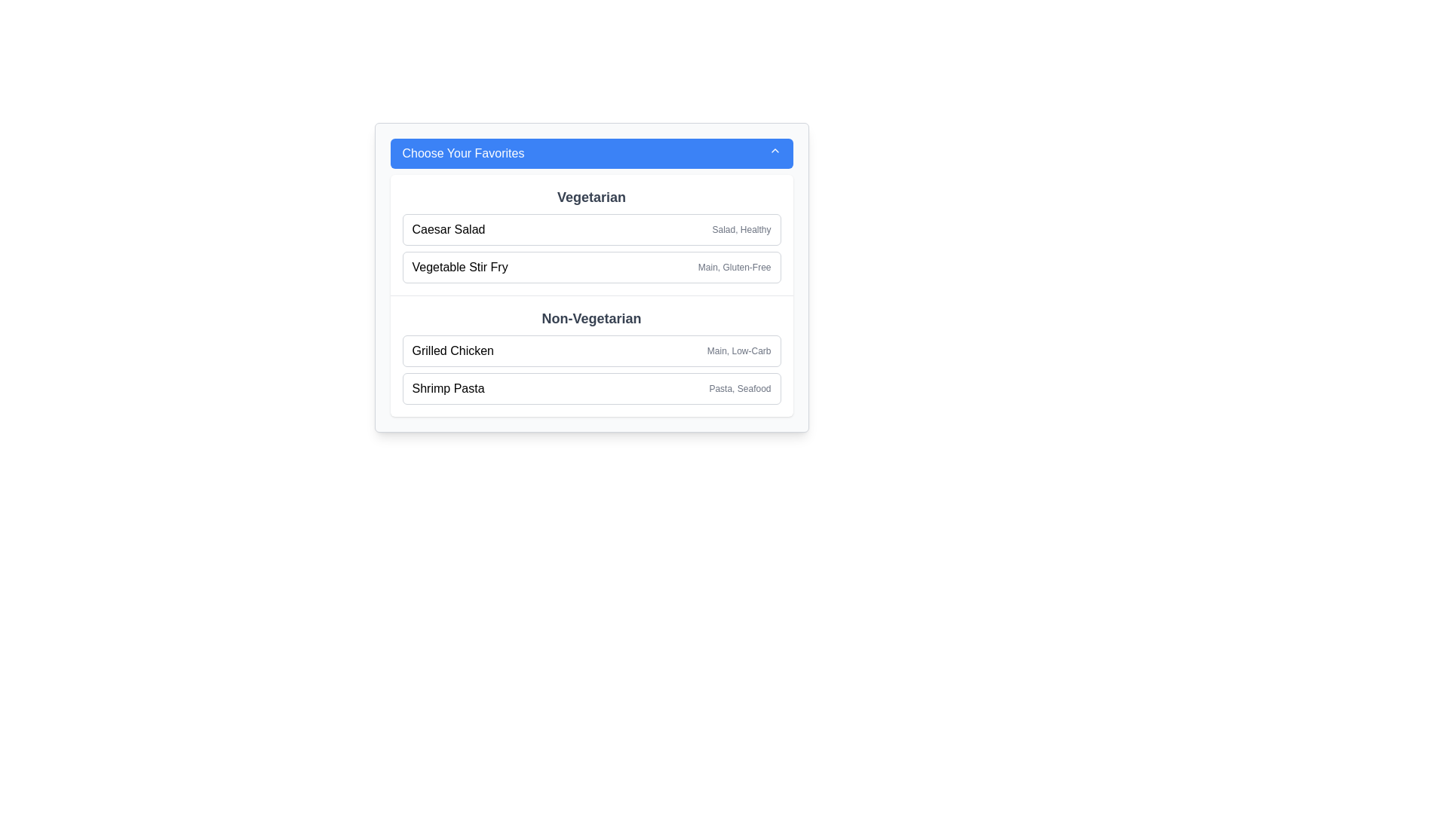 This screenshot has width=1448, height=814. What do you see at coordinates (591, 154) in the screenshot?
I see `the horizontal blue bar labeled 'Choose Your Favorites'` at bounding box center [591, 154].